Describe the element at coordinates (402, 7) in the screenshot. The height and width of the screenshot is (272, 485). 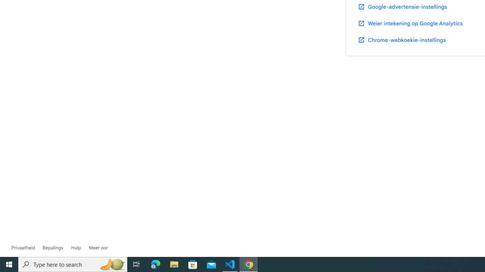
I see `'Google-advertensie-instellings'` at that location.